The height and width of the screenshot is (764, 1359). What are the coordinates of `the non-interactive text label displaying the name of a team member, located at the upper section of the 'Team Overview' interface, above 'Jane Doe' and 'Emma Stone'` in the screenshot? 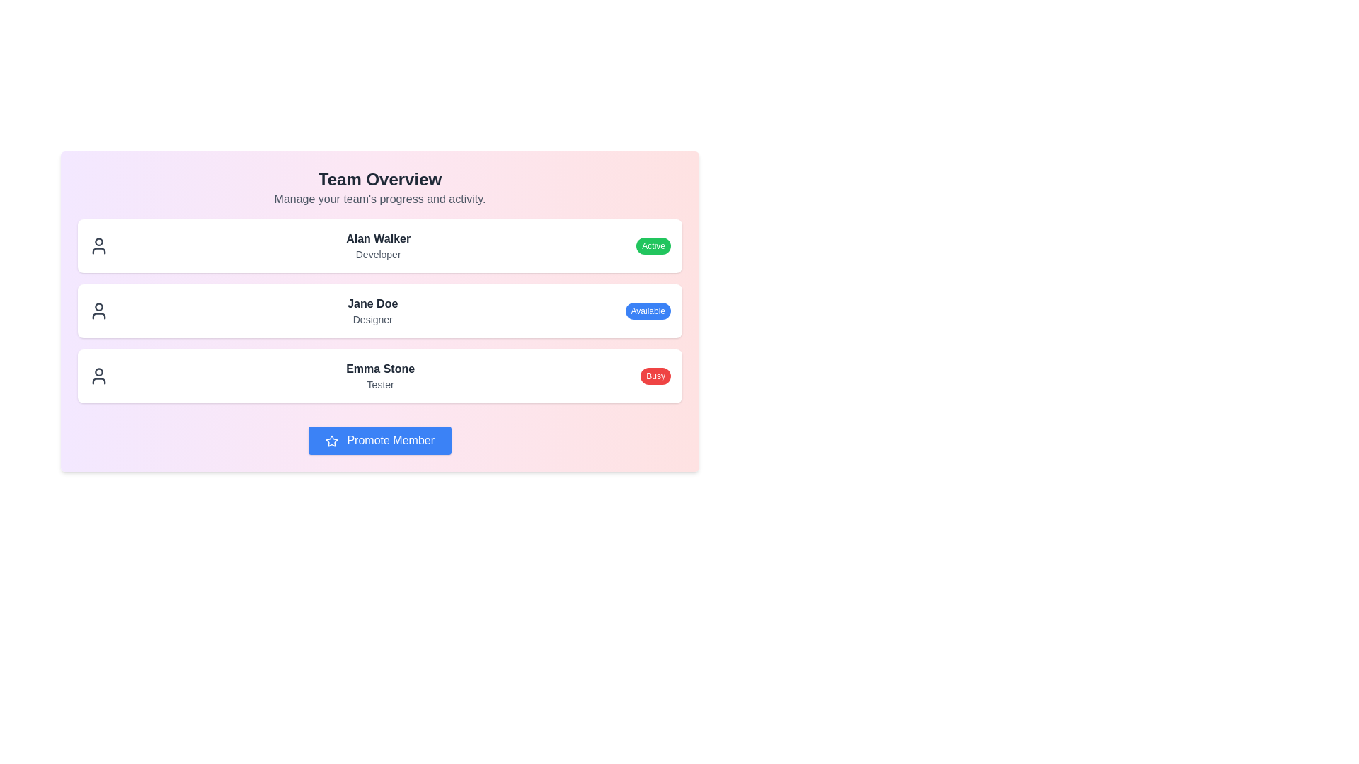 It's located at (378, 238).